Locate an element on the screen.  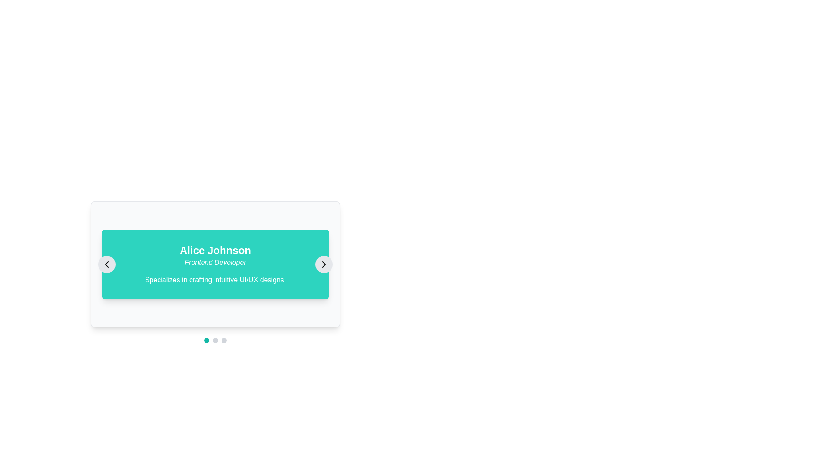
the navigational icon within the circular button on the left side of the teal card about 'Alice Johnson, Frontend Developer' is located at coordinates (106, 264).